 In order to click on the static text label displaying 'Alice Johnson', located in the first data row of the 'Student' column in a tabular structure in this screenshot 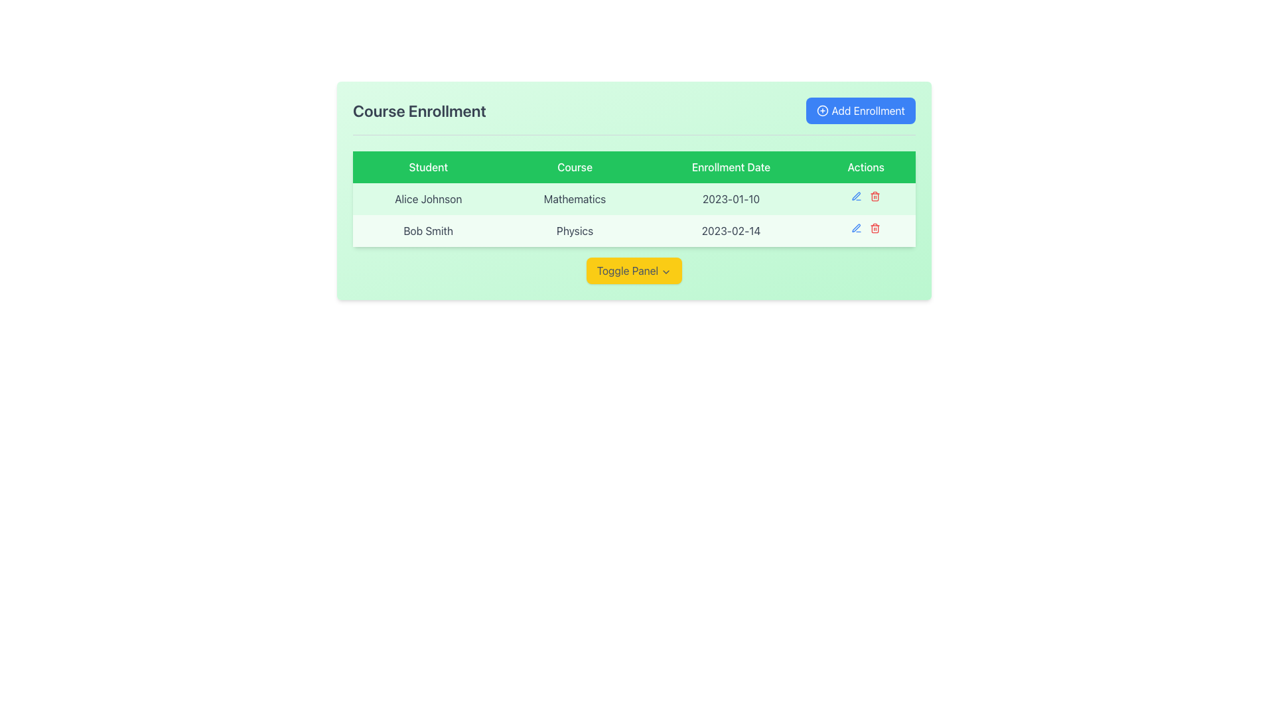, I will do `click(428, 199)`.